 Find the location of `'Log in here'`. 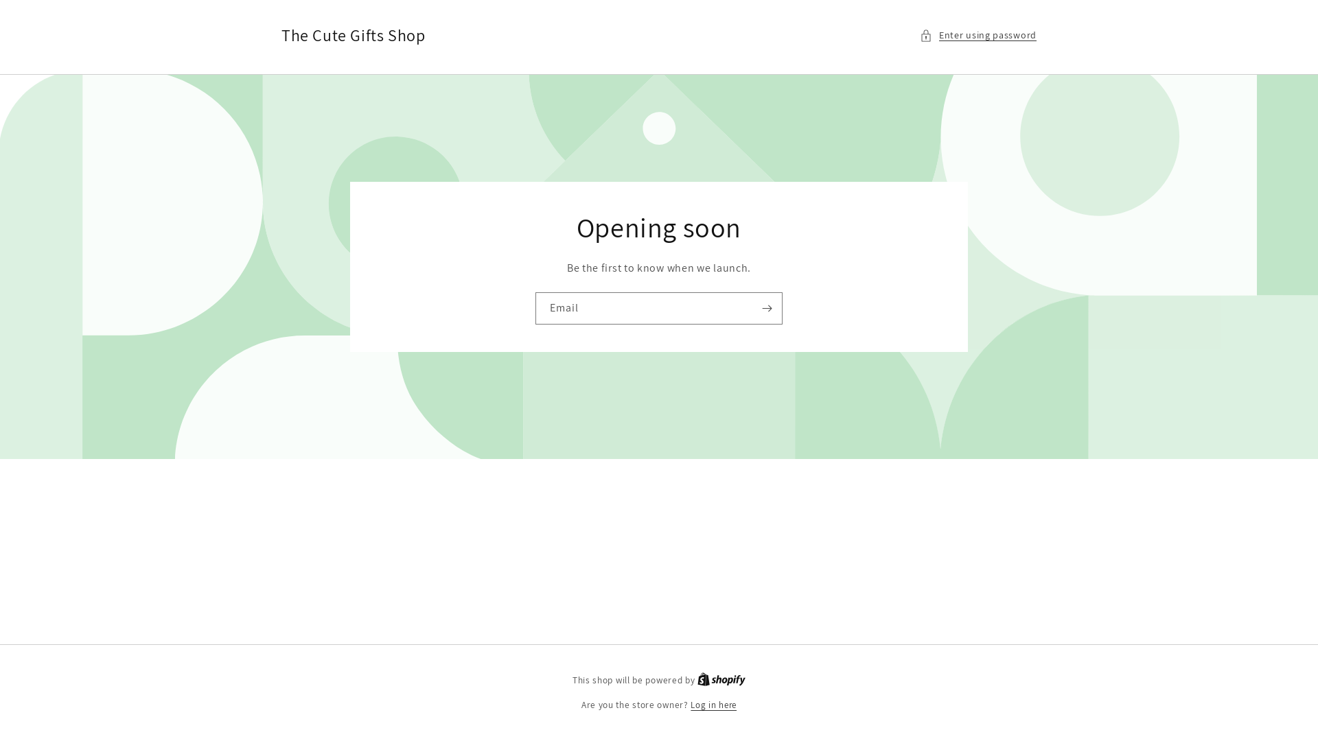

'Log in here' is located at coordinates (713, 705).